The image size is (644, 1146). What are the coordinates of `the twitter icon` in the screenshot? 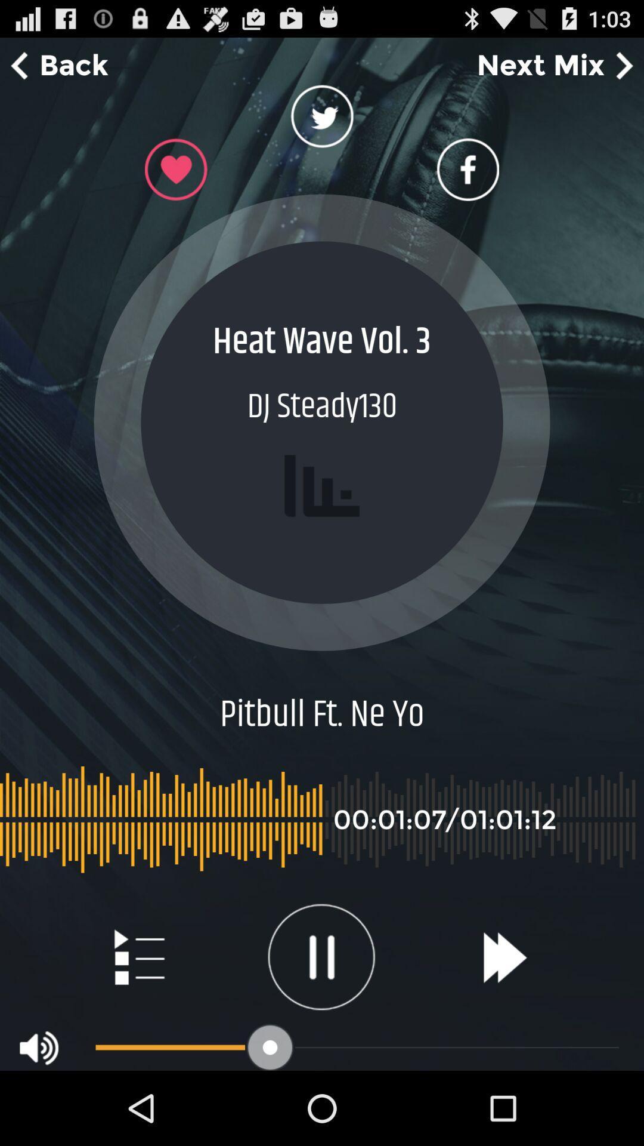 It's located at (322, 128).